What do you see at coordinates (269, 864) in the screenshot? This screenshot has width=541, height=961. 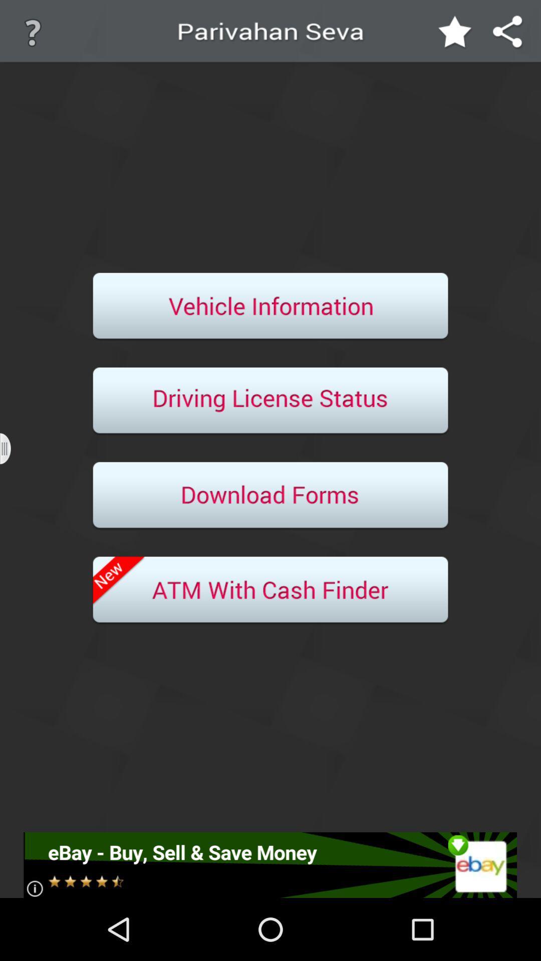 I see `to connect to ebay` at bounding box center [269, 864].